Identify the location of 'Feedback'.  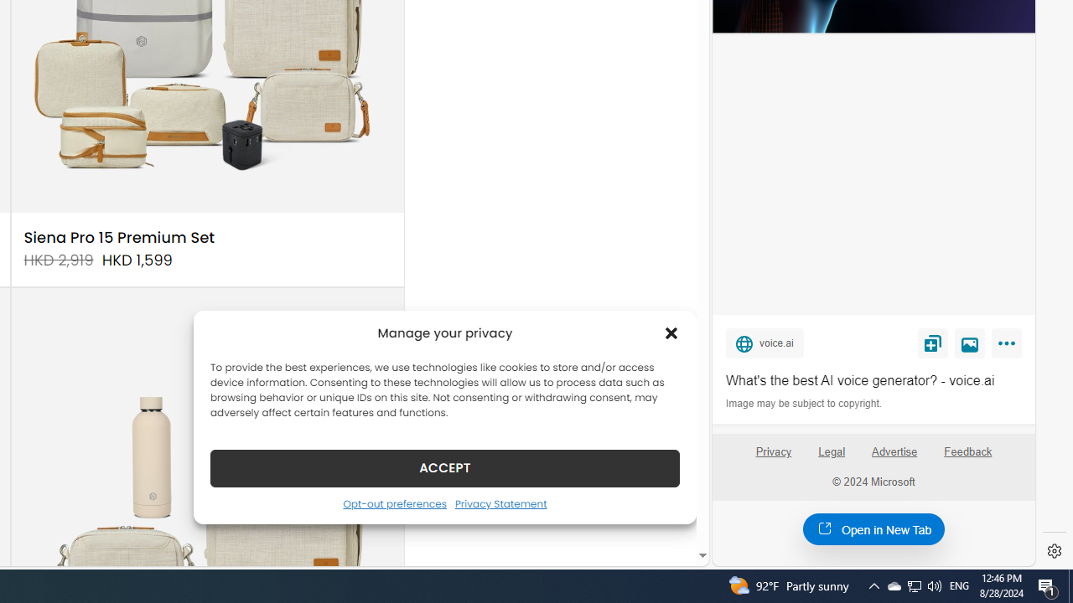
(968, 458).